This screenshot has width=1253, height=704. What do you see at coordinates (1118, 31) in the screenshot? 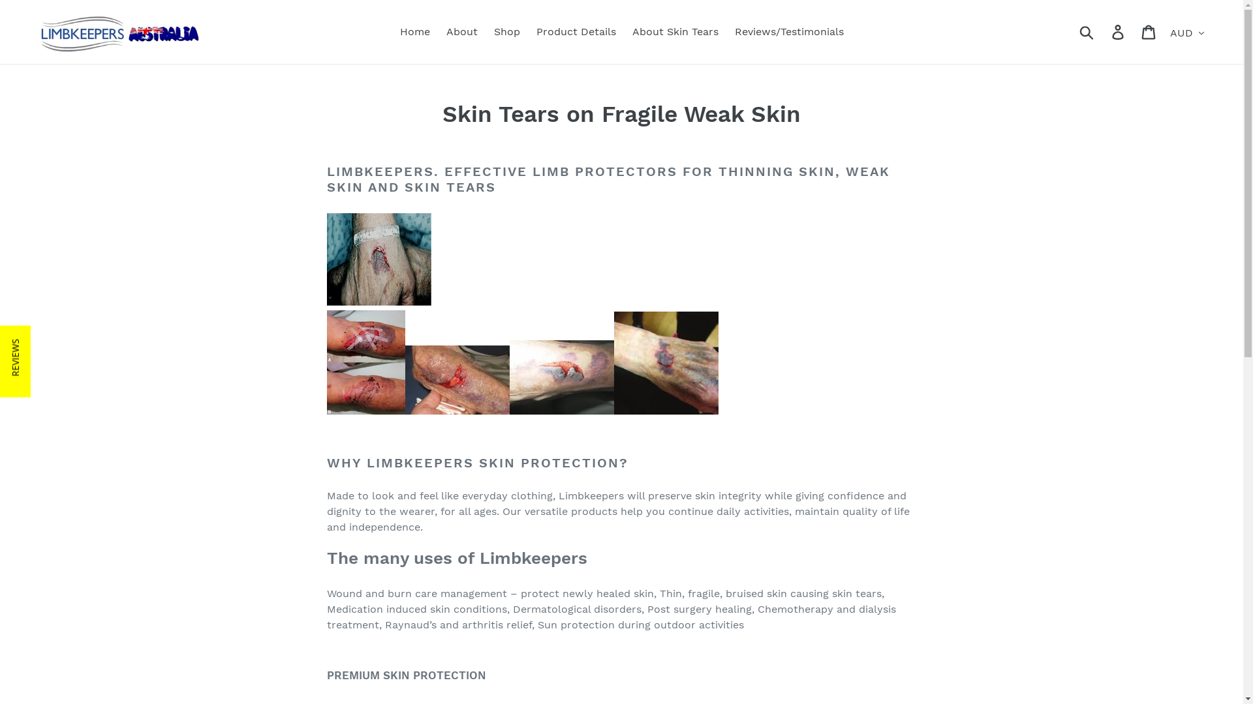
I see `'Log in'` at bounding box center [1118, 31].